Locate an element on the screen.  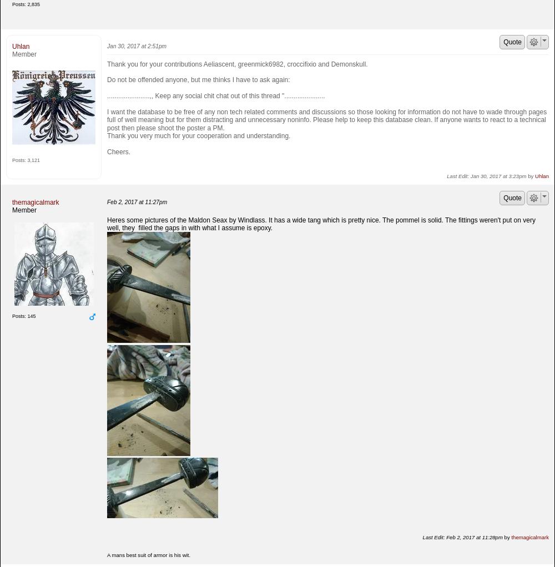
'Posts: 2,835' is located at coordinates (12, 3).